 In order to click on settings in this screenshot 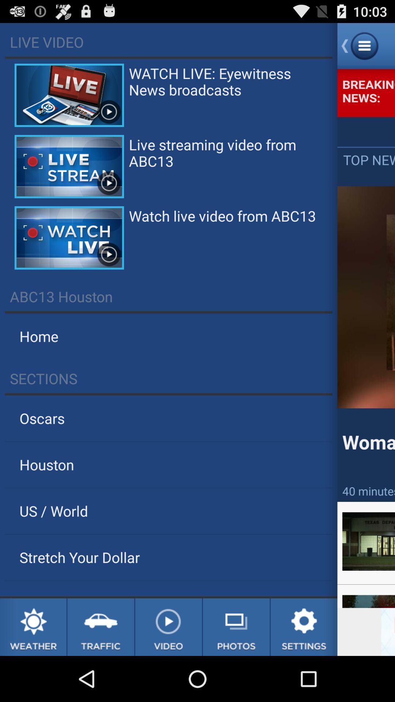, I will do `click(304, 627)`.